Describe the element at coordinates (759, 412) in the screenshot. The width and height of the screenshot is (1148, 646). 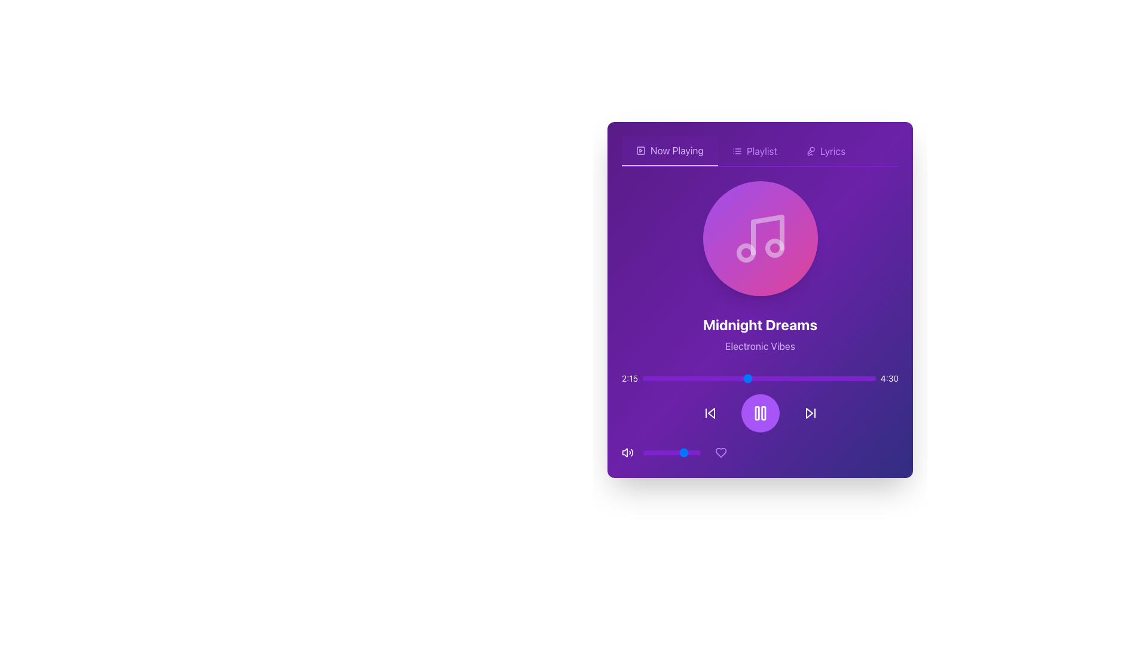
I see `the circular purple button with a white pause icon in the bottom control section of the media player interface` at that location.